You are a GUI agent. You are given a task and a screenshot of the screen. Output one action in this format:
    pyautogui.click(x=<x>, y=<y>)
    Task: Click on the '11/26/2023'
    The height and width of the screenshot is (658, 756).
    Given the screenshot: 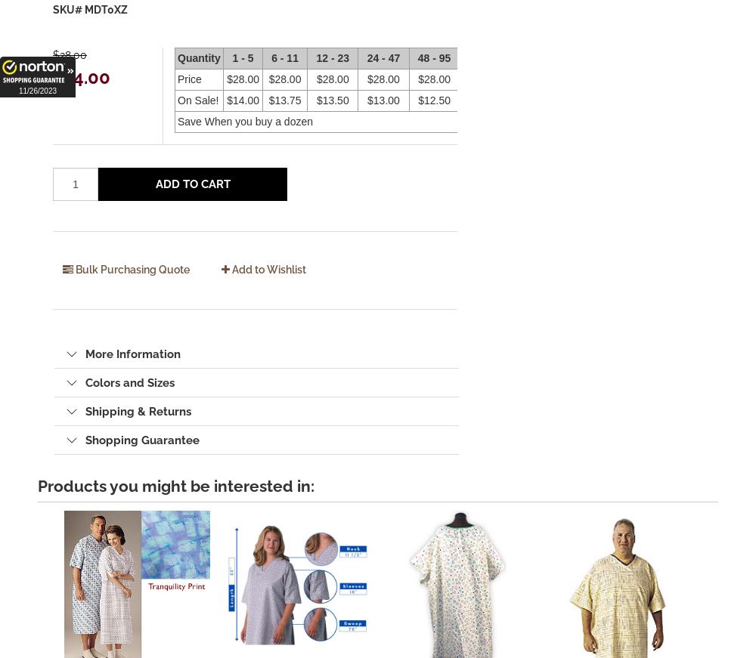 What is the action you would take?
    pyautogui.click(x=37, y=90)
    